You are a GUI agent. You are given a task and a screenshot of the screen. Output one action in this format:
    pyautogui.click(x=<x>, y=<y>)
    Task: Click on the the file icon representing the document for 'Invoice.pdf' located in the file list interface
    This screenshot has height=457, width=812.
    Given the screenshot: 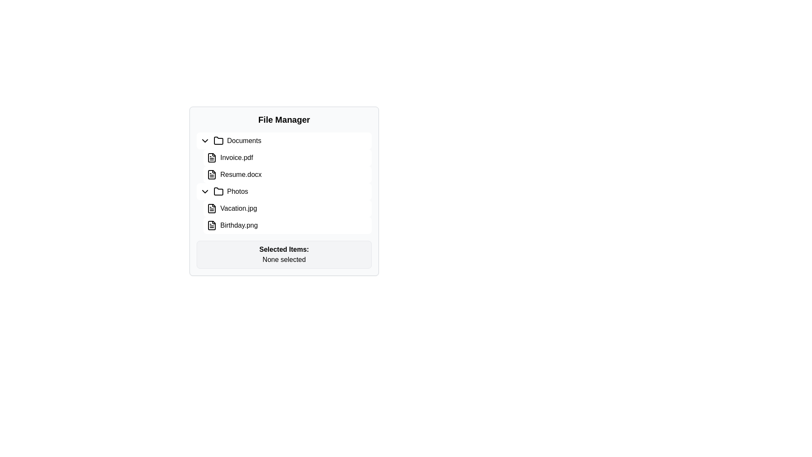 What is the action you would take?
    pyautogui.click(x=211, y=158)
    